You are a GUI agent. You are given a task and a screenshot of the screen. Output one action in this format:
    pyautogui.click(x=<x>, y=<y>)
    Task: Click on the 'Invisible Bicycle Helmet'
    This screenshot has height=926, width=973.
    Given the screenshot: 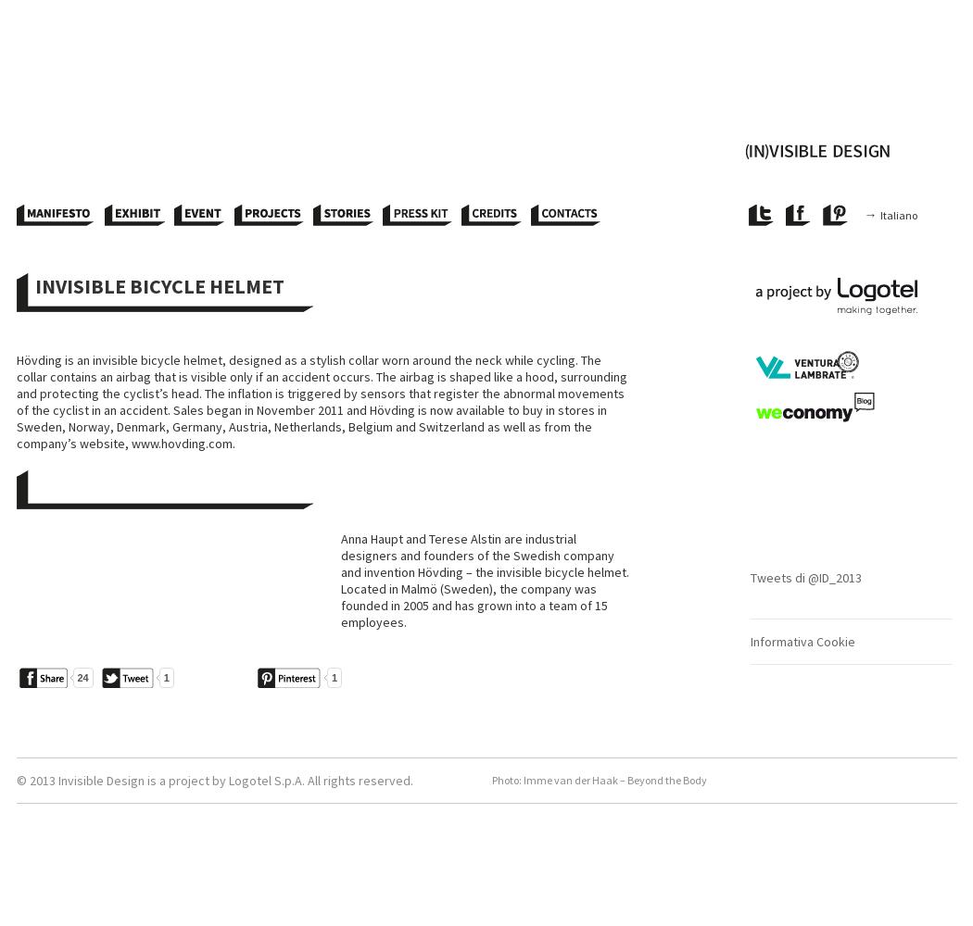 What is the action you would take?
    pyautogui.click(x=33, y=286)
    